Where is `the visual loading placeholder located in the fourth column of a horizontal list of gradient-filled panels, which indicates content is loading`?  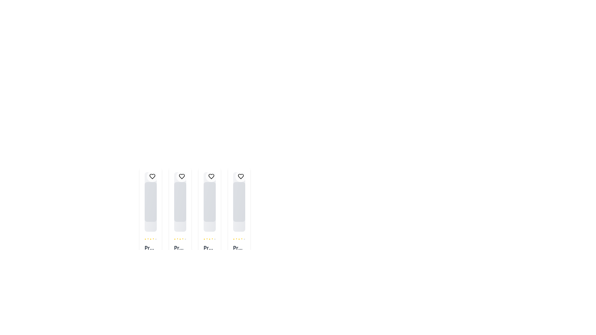 the visual loading placeholder located in the fourth column of a horizontal list of gradient-filled panels, which indicates content is loading is located at coordinates (239, 202).